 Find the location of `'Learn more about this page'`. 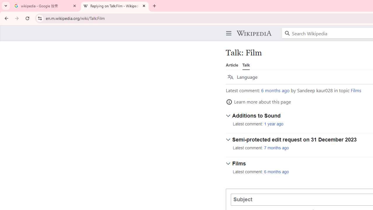

'Learn more about this page' is located at coordinates (258, 101).